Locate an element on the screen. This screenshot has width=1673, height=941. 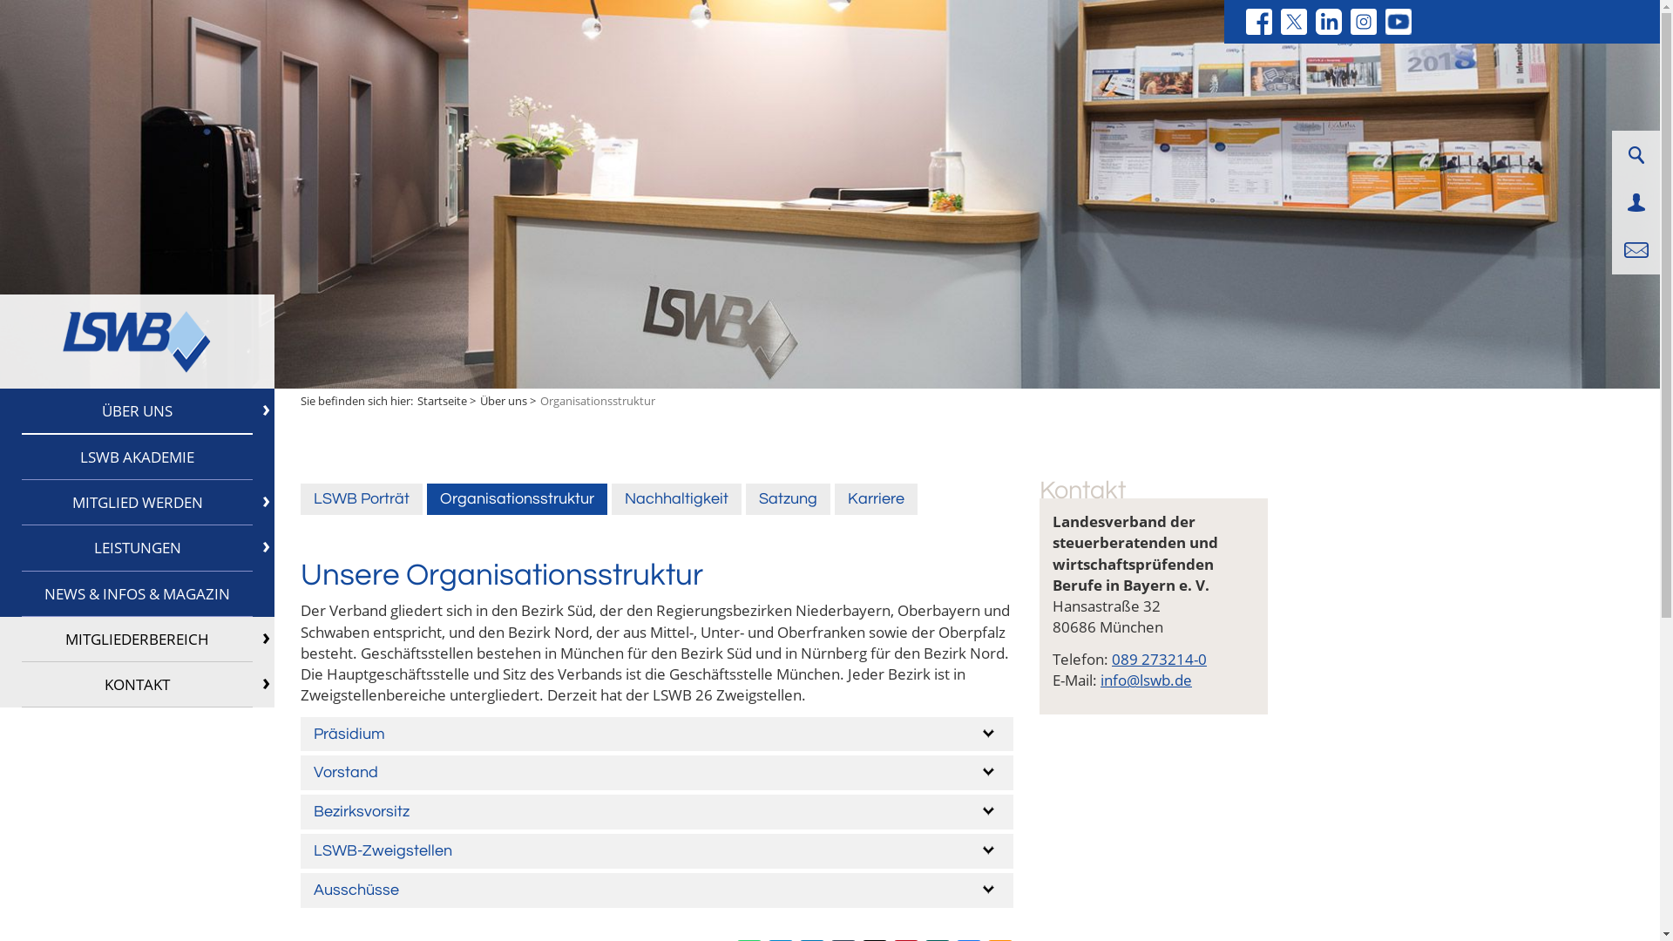
'NEWS & INFOS & MAGAZIN' is located at coordinates (136, 593).